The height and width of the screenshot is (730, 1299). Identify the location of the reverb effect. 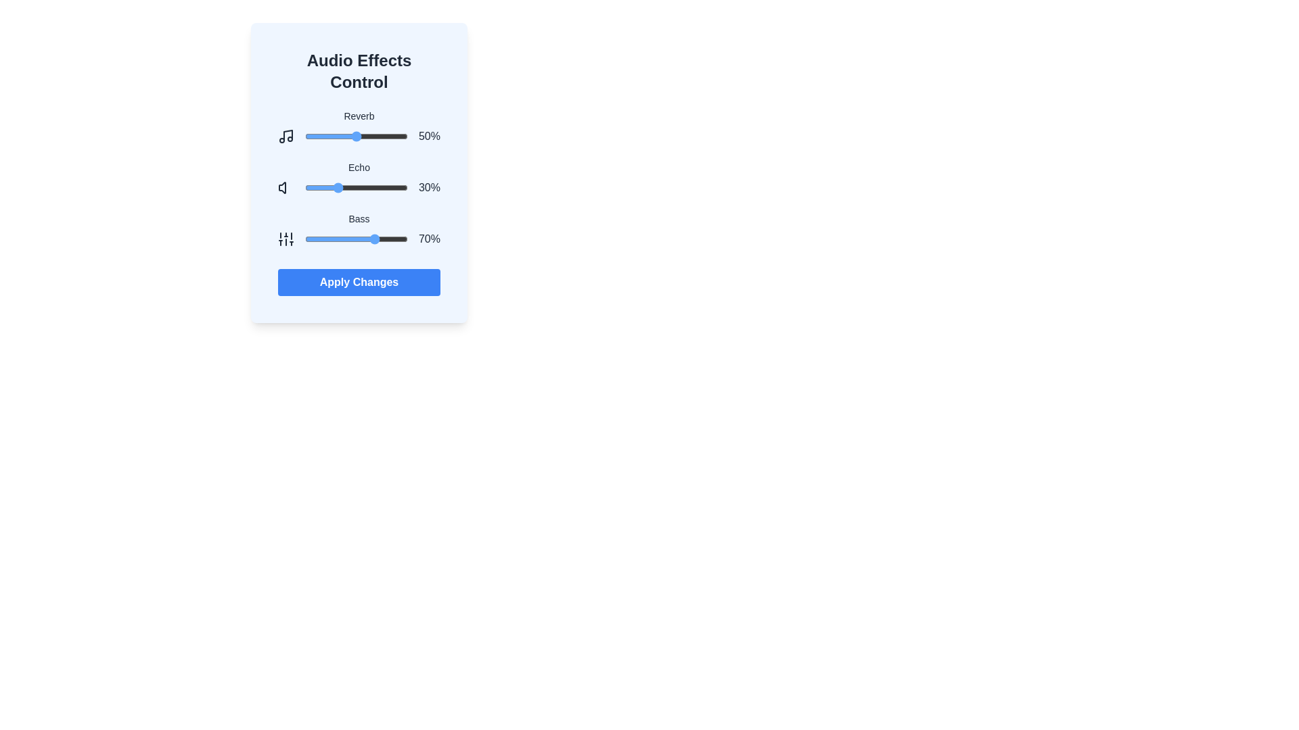
(351, 136).